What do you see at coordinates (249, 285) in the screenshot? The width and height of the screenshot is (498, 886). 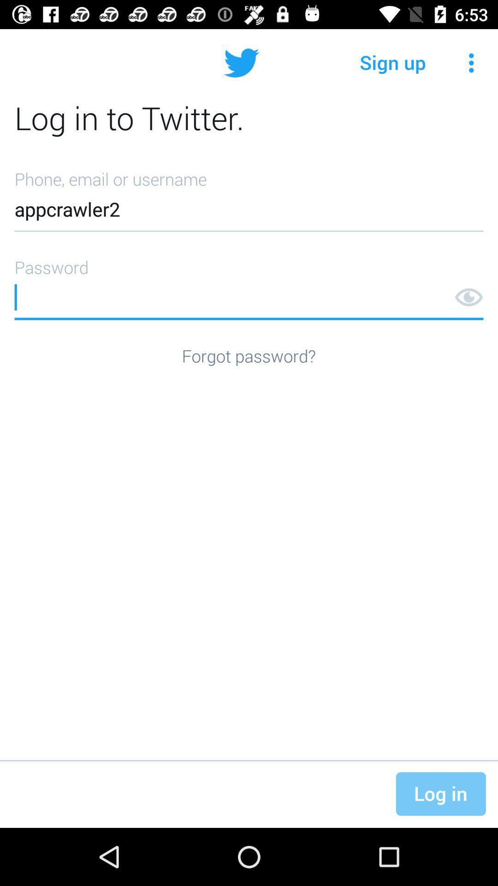 I see `the item above forgot password? icon` at bounding box center [249, 285].